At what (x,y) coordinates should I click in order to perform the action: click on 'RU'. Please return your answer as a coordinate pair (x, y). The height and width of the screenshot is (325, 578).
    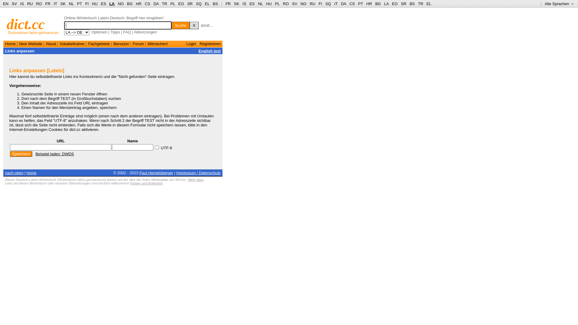
    Looking at the image, I should click on (312, 4).